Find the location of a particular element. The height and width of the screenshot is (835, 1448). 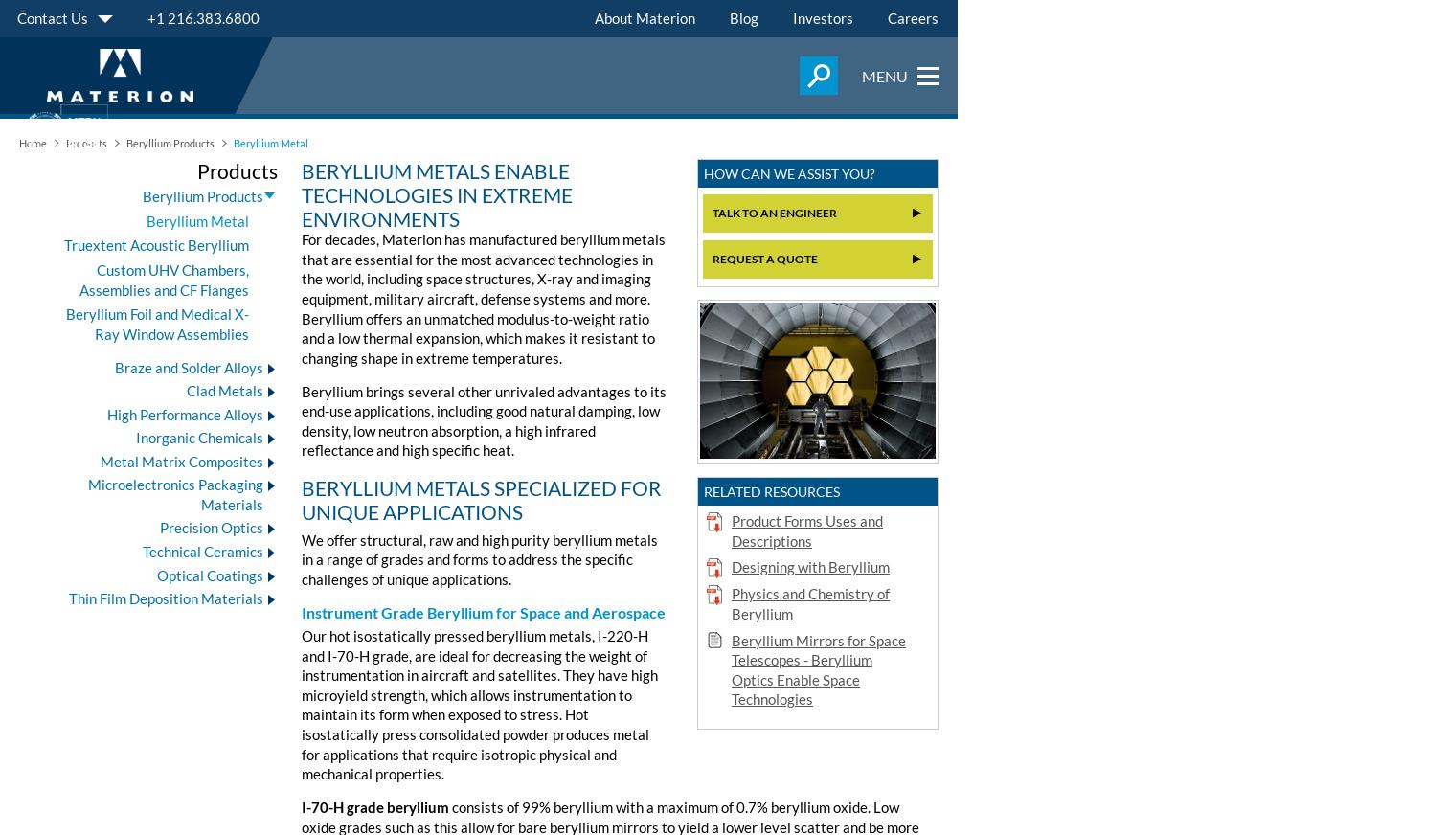

'Beryllium brings several other unrivaled advantages to its end-use applications, including good natural damping, low density, low neutron absorption, a high infrared reflectance and high specific heat.' is located at coordinates (484, 419).